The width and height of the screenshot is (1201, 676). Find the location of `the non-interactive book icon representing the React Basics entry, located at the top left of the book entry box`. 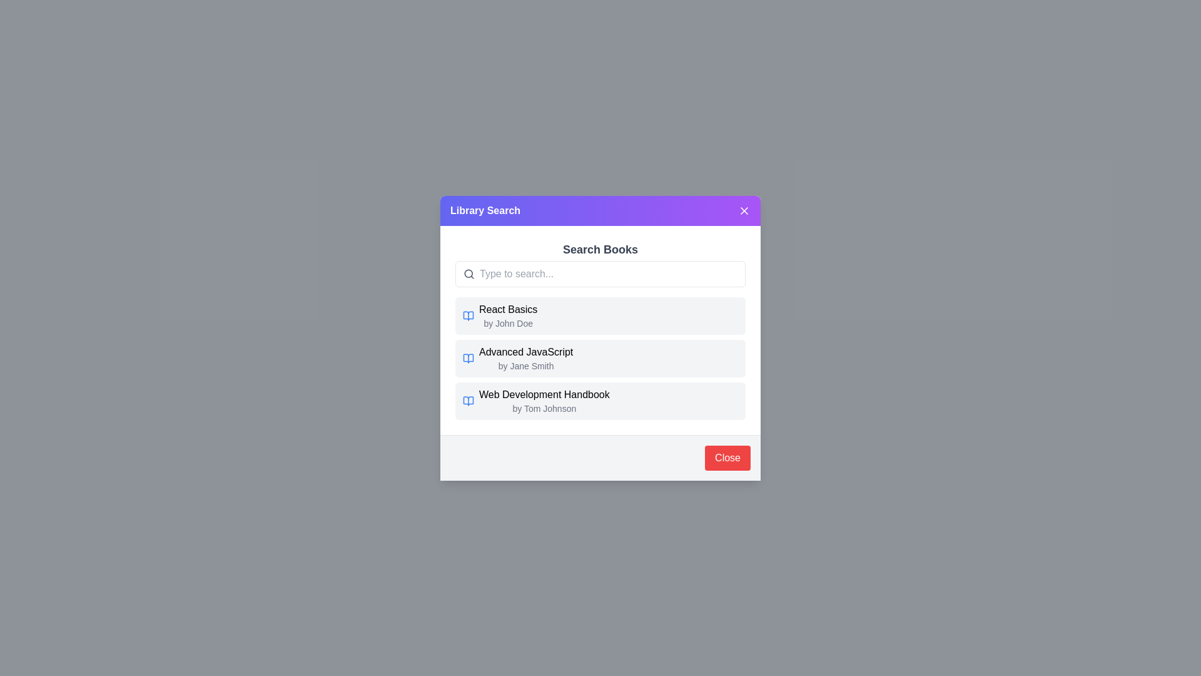

the non-interactive book icon representing the React Basics entry, located at the top left of the book entry box is located at coordinates (467, 315).